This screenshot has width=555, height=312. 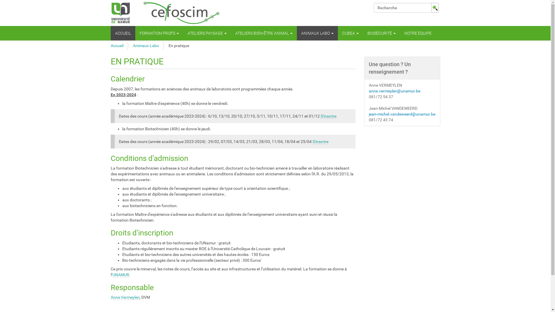 What do you see at coordinates (373, 8) in the screenshot?
I see `'Recherche'` at bounding box center [373, 8].